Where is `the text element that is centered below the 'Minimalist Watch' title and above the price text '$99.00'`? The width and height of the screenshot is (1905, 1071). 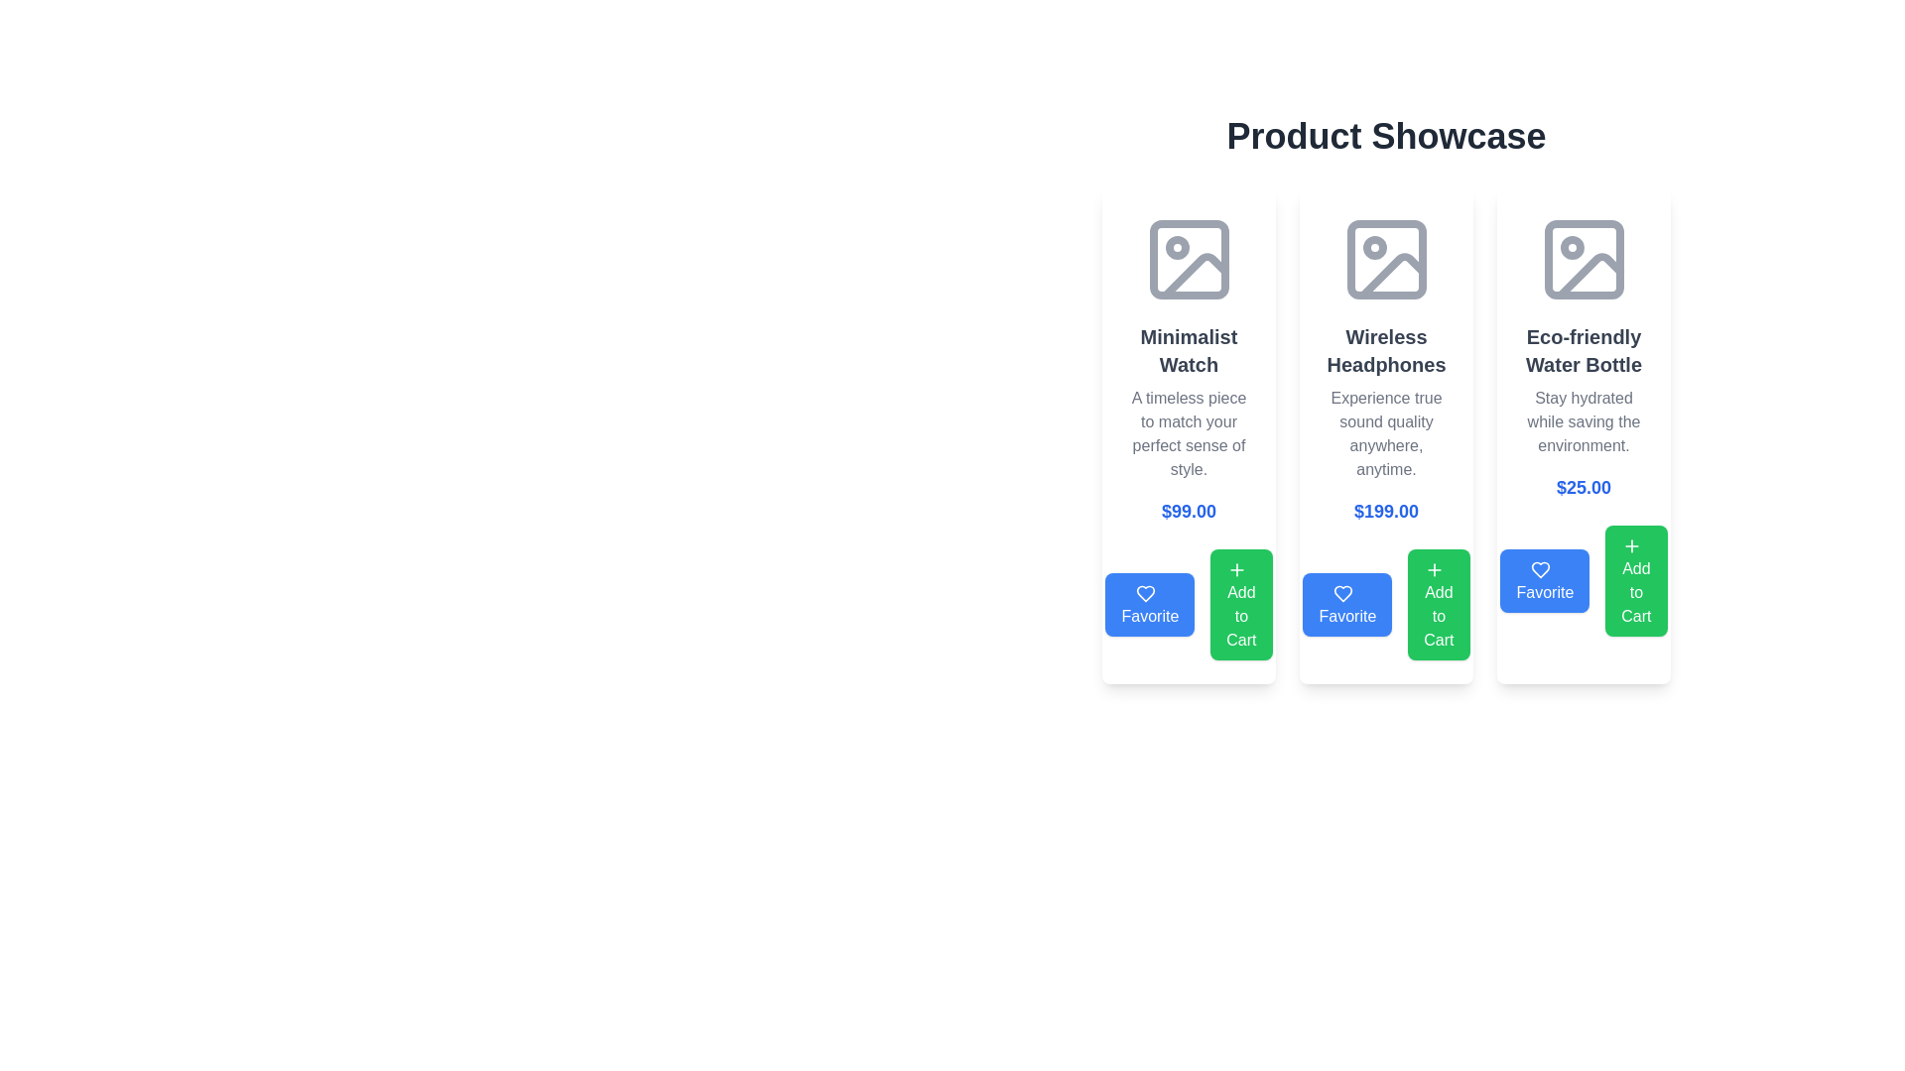
the text element that is centered below the 'Minimalist Watch' title and above the price text '$99.00' is located at coordinates (1189, 433).